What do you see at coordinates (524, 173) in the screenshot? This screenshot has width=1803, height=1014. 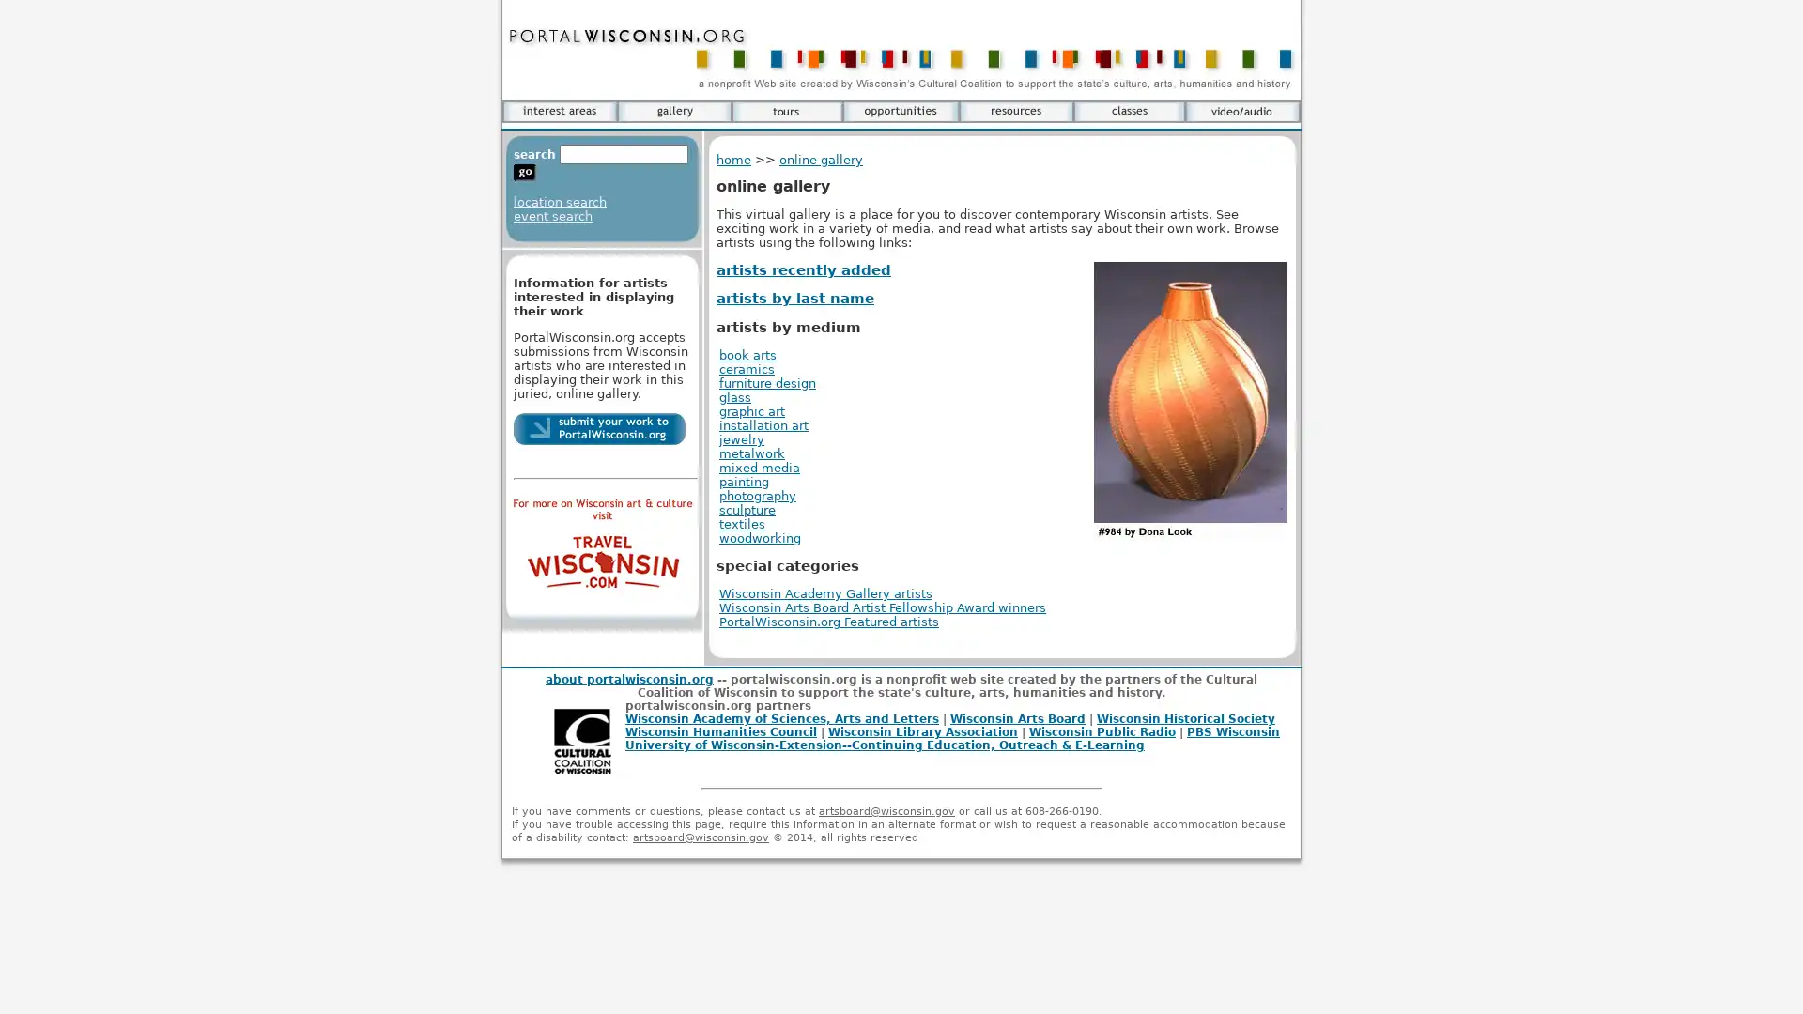 I see `go` at bounding box center [524, 173].